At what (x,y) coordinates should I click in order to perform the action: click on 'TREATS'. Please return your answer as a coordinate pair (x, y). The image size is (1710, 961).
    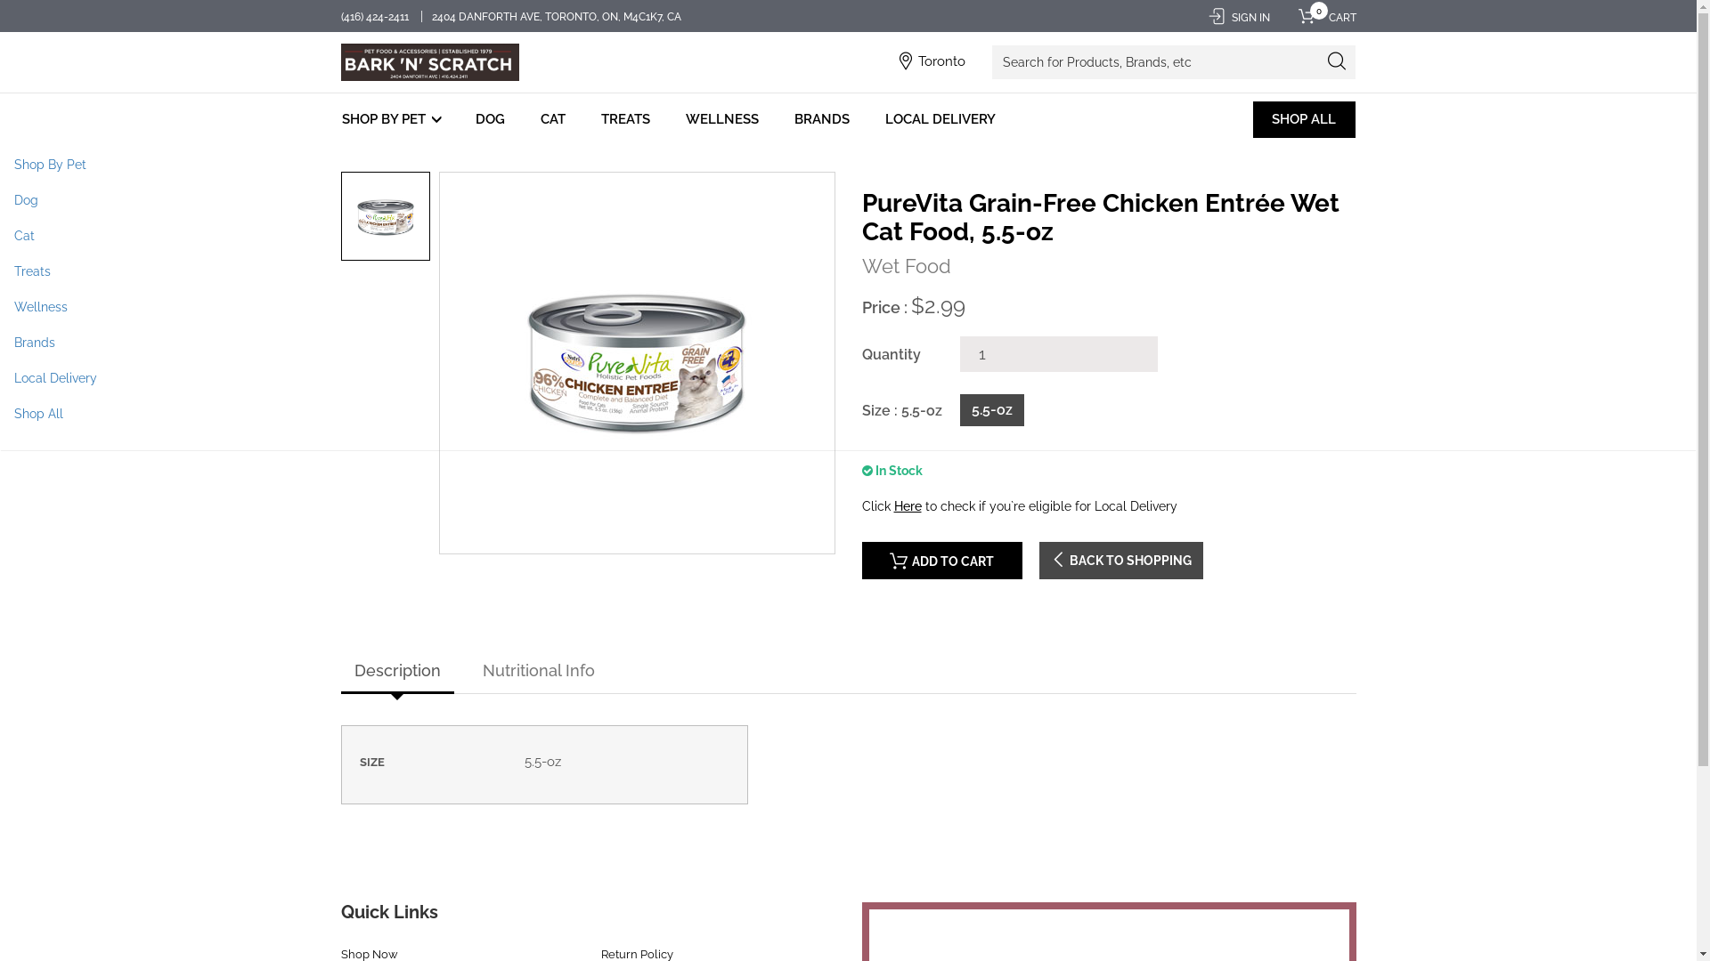
    Looking at the image, I should click on (625, 119).